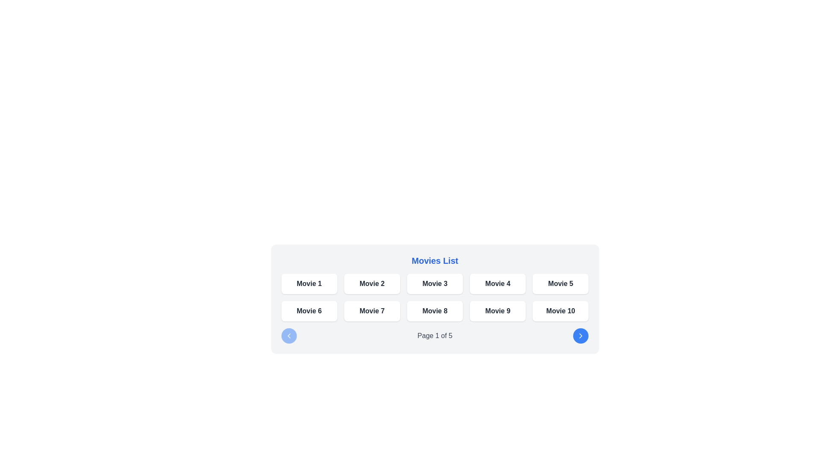  I want to click on the static text display with the text 'Movie 8' located in the second row and third column of the grid layout, so click(435, 311).